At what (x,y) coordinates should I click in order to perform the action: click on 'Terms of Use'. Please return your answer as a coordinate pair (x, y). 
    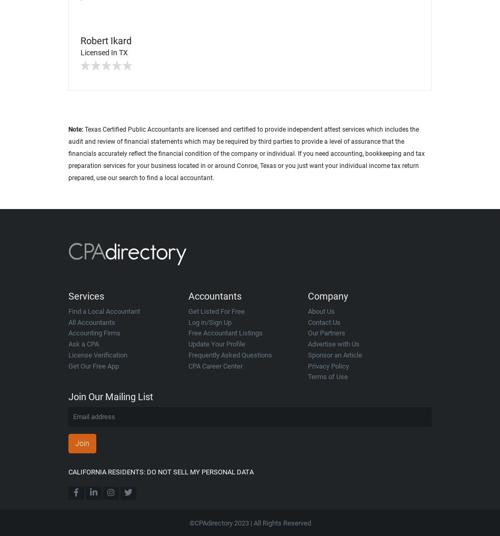
    Looking at the image, I should click on (328, 376).